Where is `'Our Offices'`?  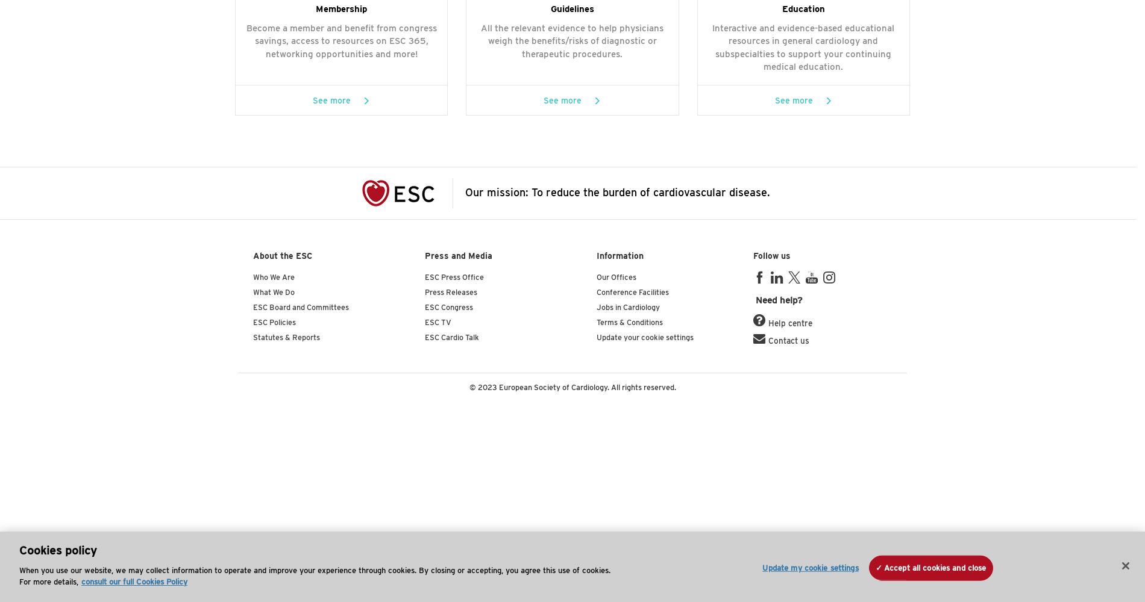
'Our Offices' is located at coordinates (616, 276).